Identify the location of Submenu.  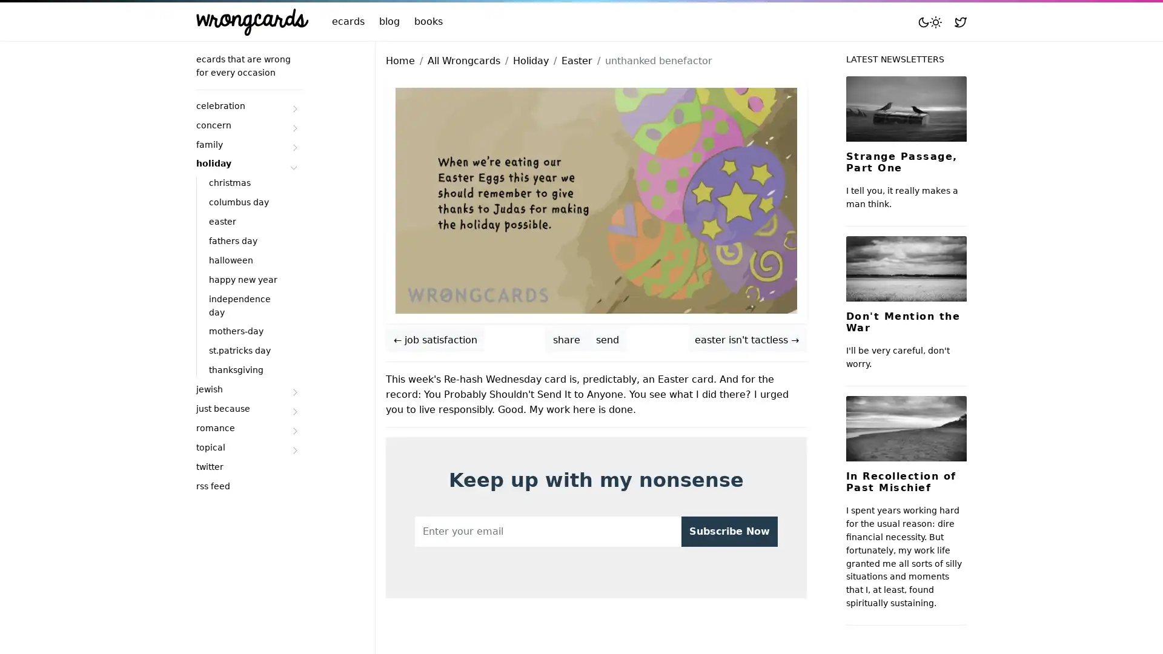
(293, 128).